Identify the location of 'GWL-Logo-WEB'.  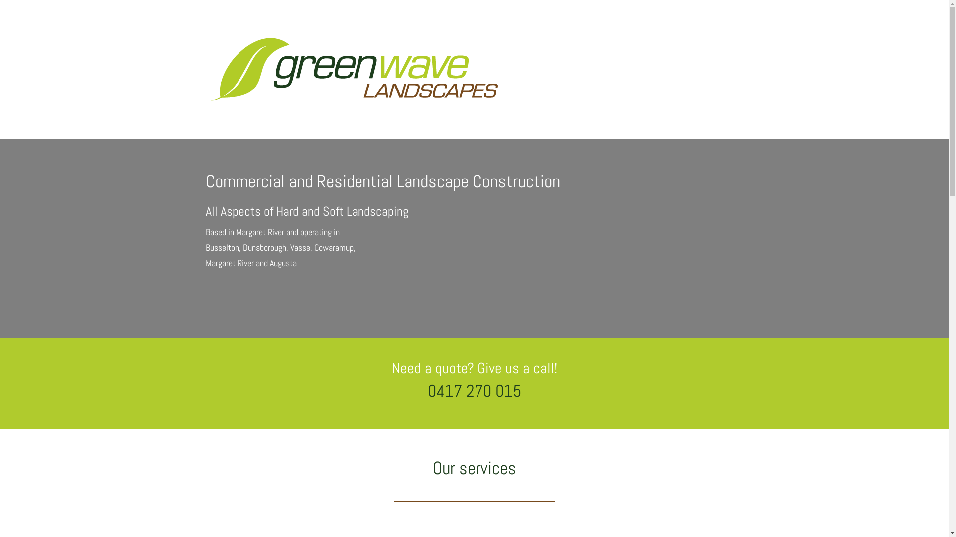
(354, 69).